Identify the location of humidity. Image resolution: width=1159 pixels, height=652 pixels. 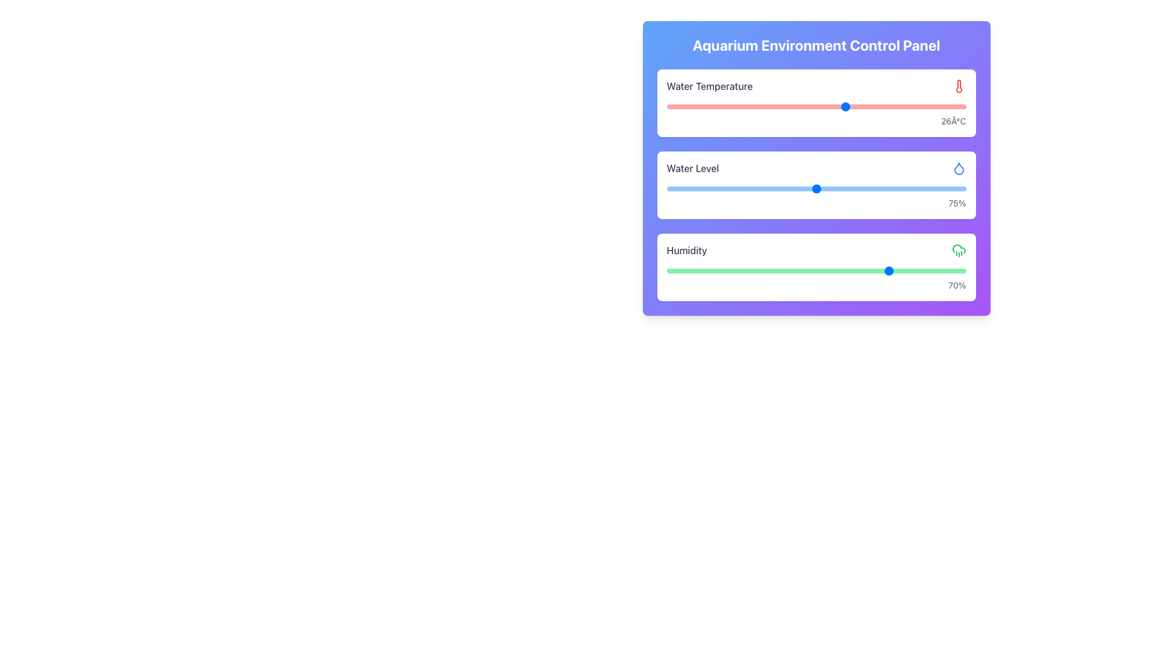
(898, 270).